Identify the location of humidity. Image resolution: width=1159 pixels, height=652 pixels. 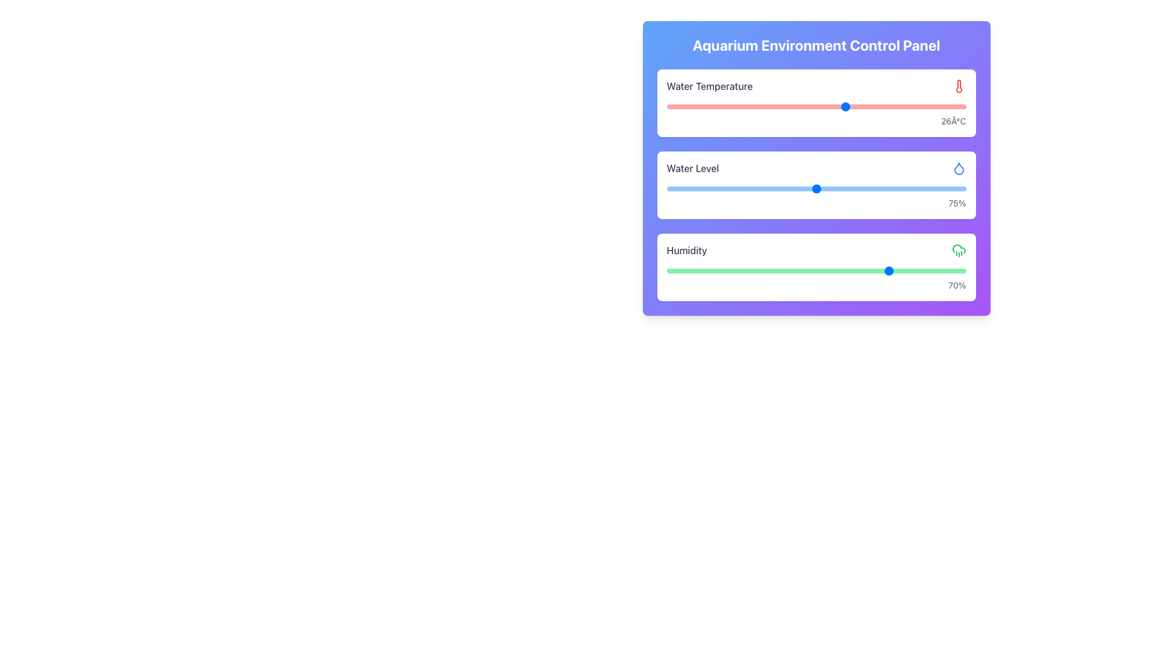
(898, 270).